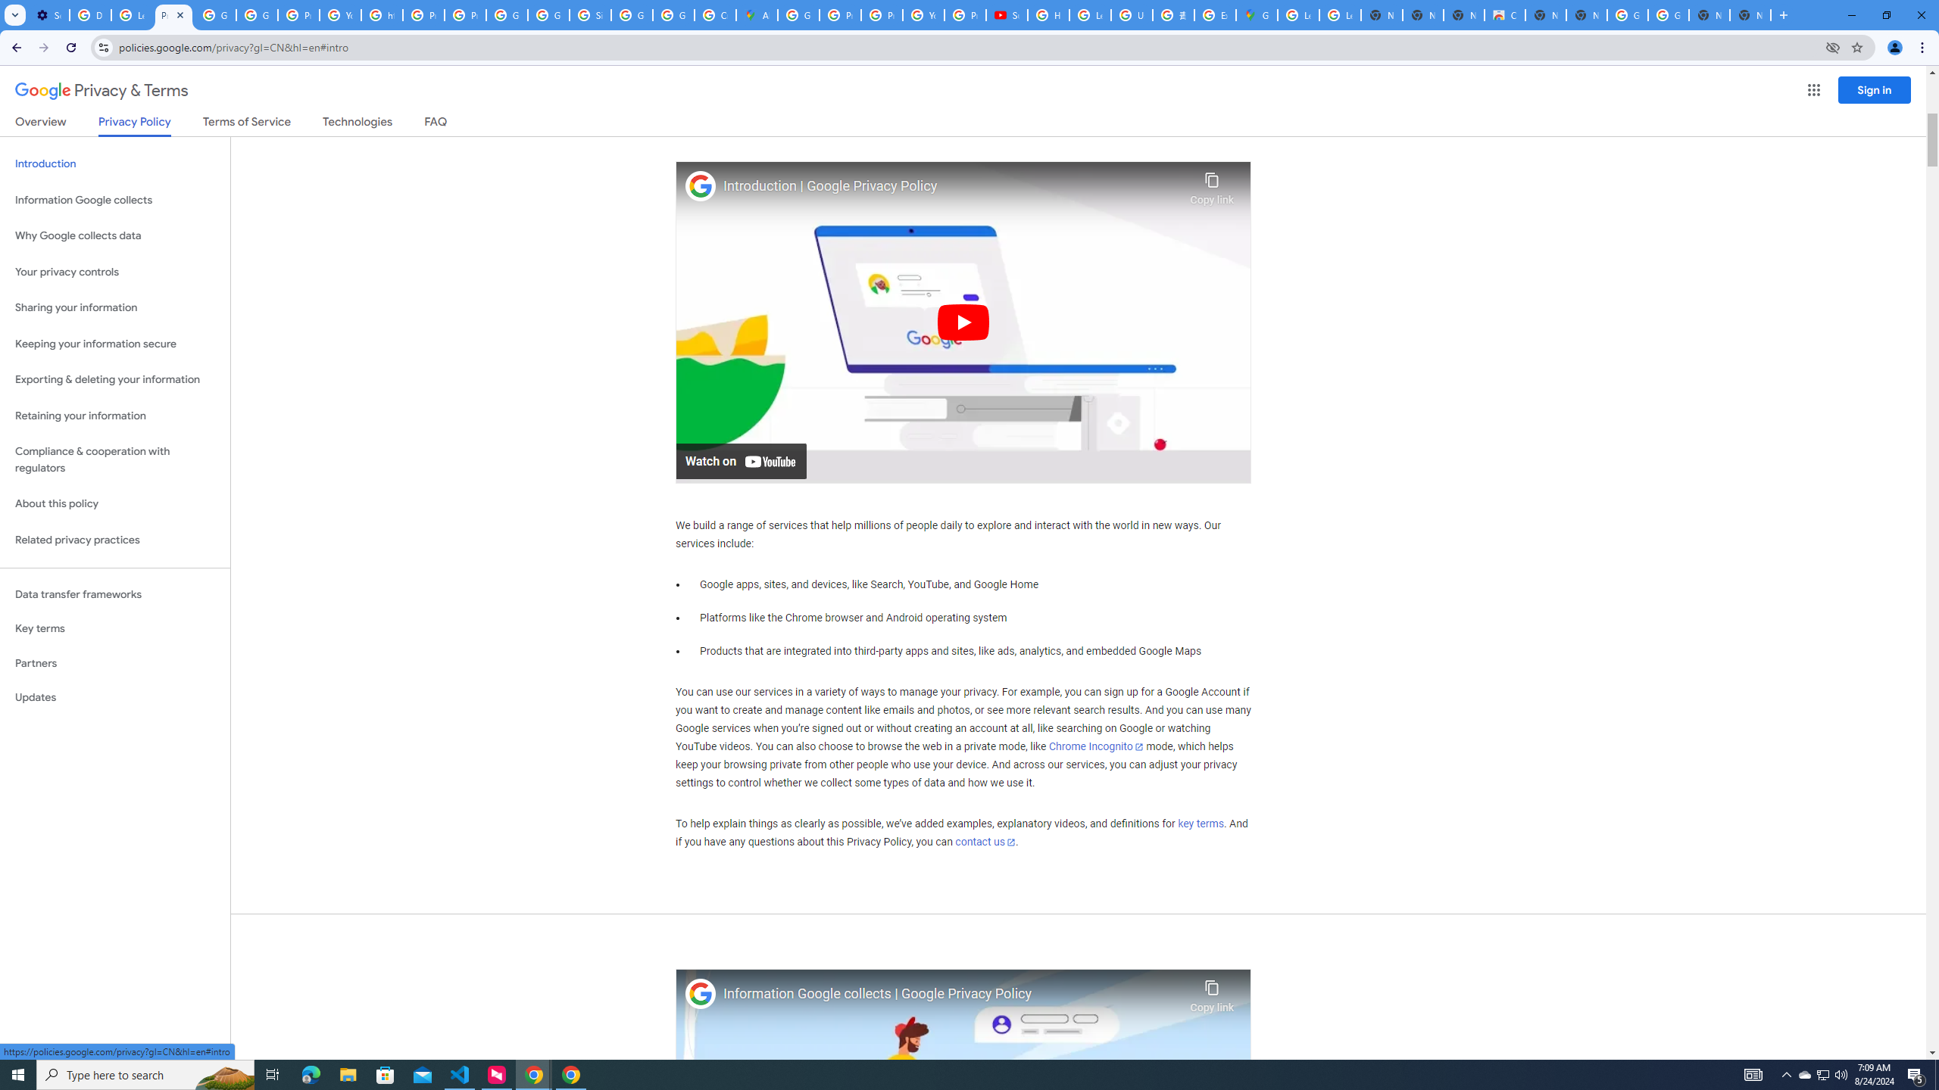 This screenshot has width=1939, height=1090. I want to click on 'Information Google collects', so click(114, 200).